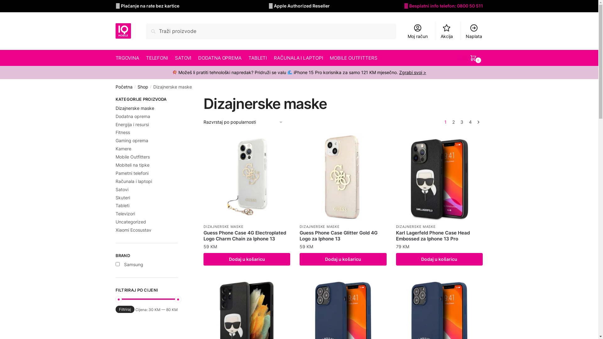 The image size is (603, 339). What do you see at coordinates (454, 122) in the screenshot?
I see `'2'` at bounding box center [454, 122].